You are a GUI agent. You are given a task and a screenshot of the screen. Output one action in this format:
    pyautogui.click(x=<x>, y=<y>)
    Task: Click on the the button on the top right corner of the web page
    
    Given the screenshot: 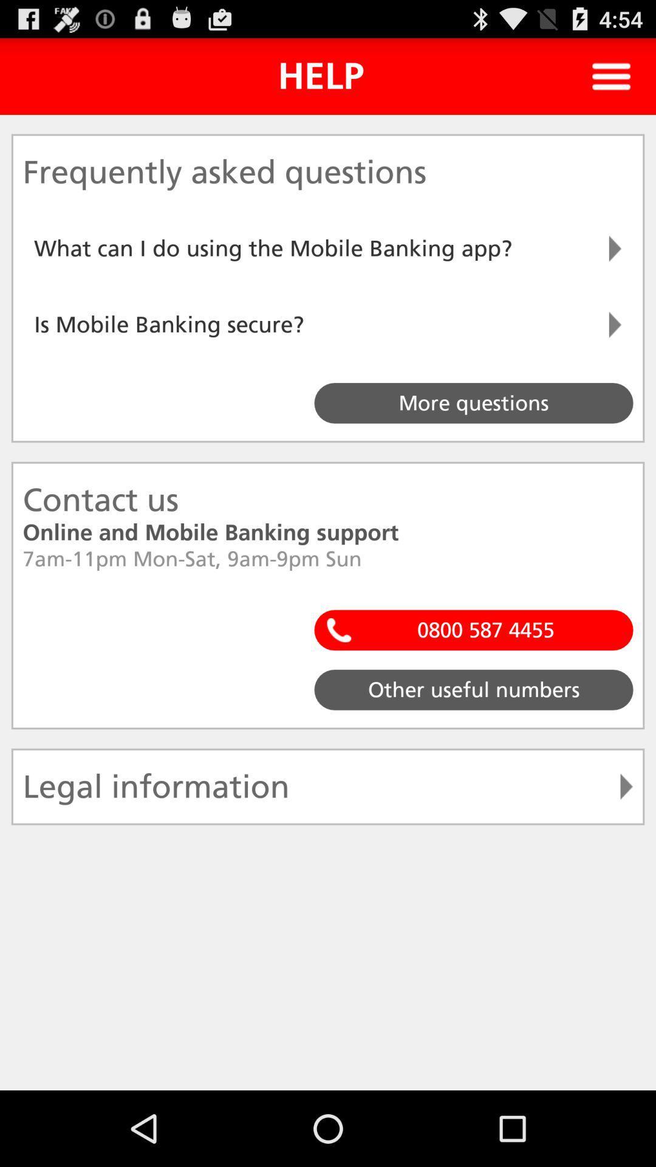 What is the action you would take?
    pyautogui.click(x=611, y=75)
    